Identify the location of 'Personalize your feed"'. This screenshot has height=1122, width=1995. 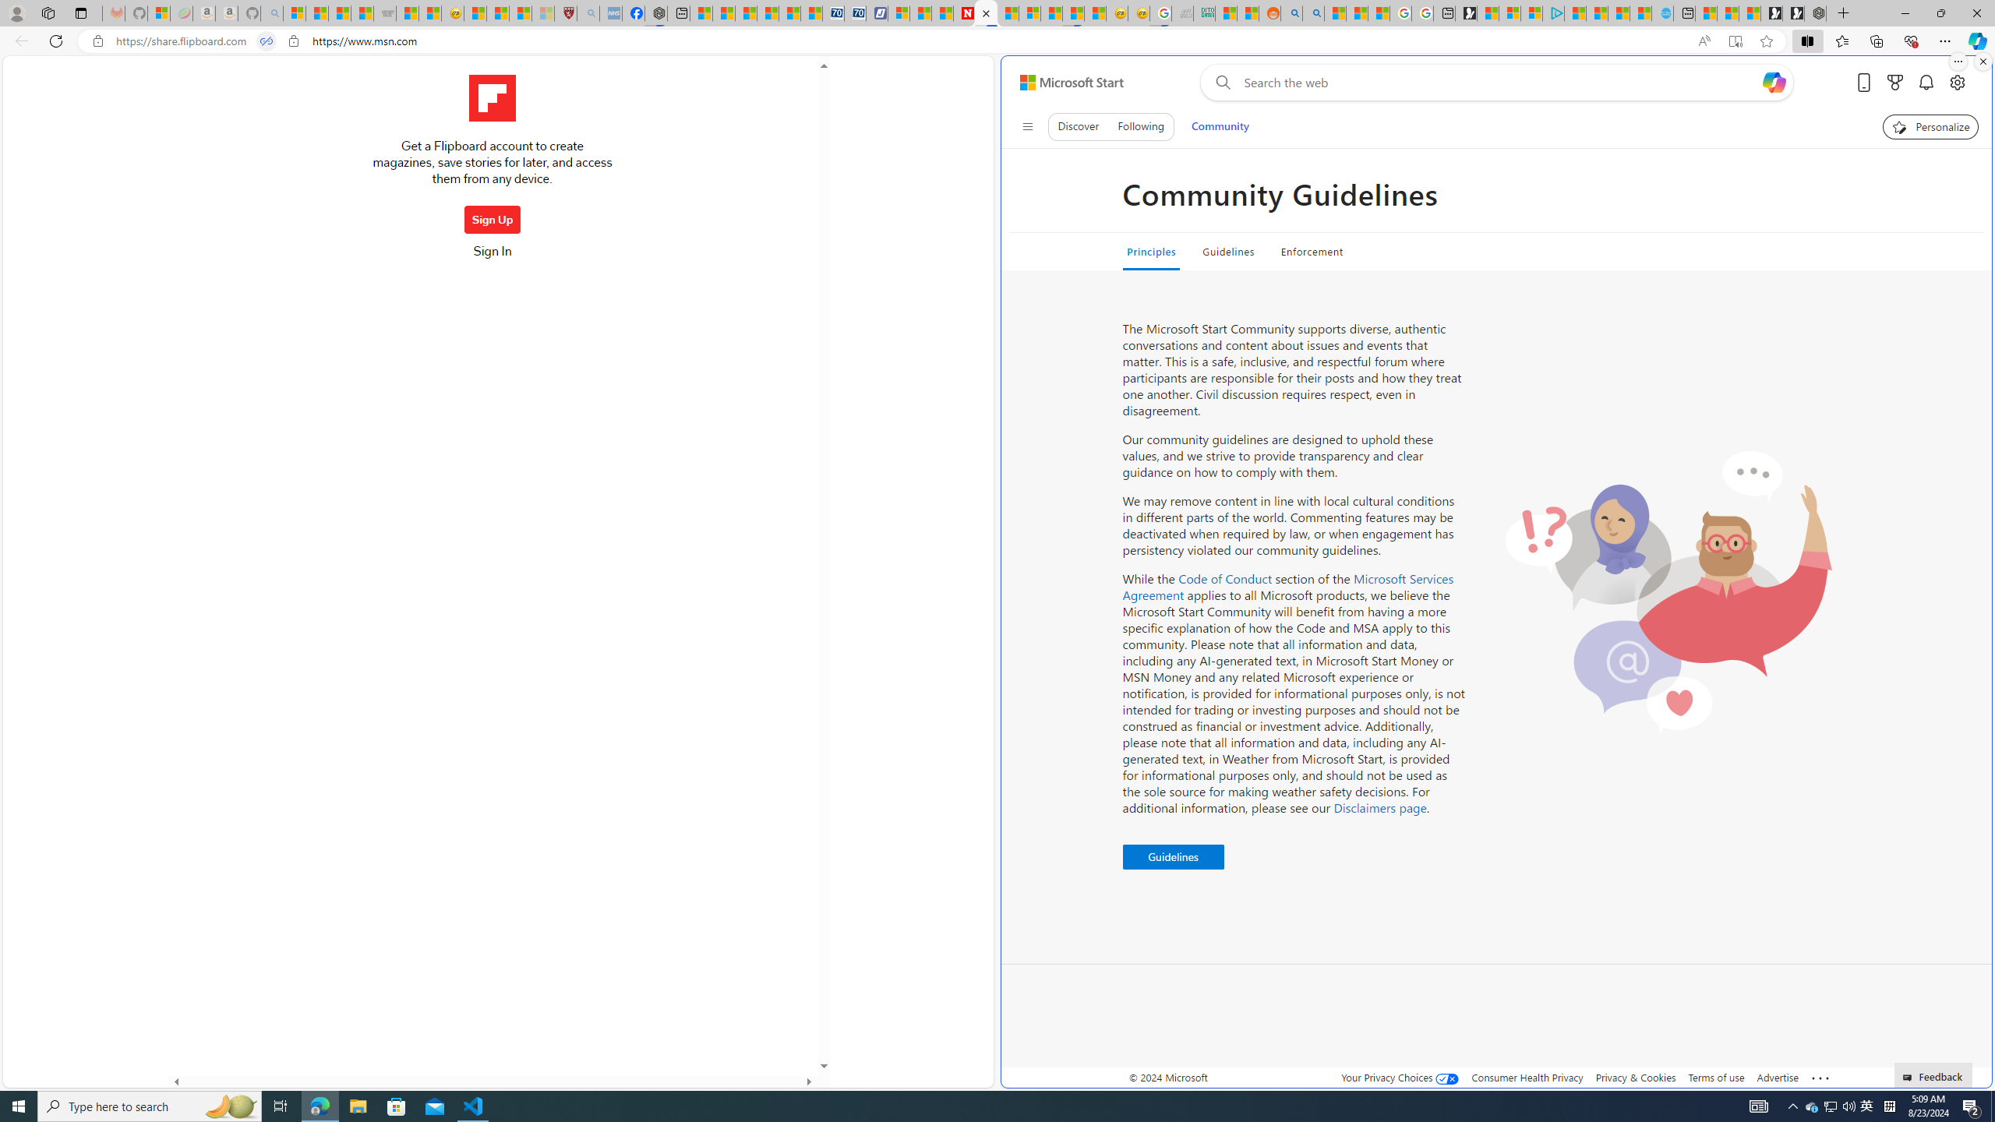
(1931, 125).